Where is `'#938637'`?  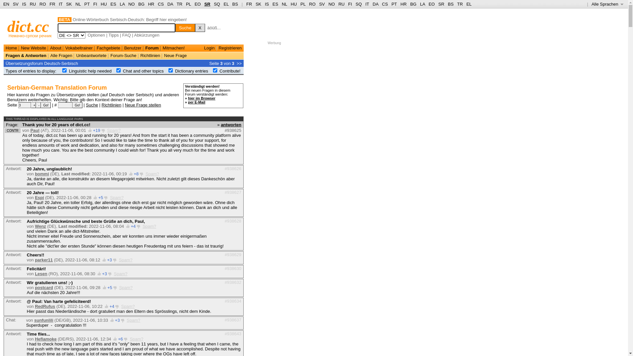
'#938637' is located at coordinates (233, 319).